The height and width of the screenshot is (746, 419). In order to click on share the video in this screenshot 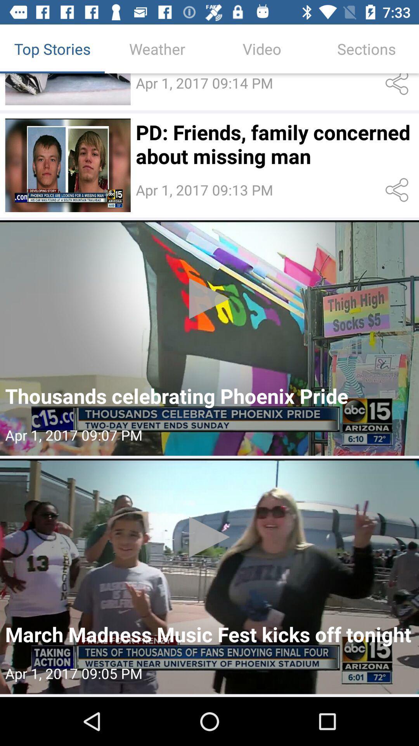, I will do `click(398, 86)`.